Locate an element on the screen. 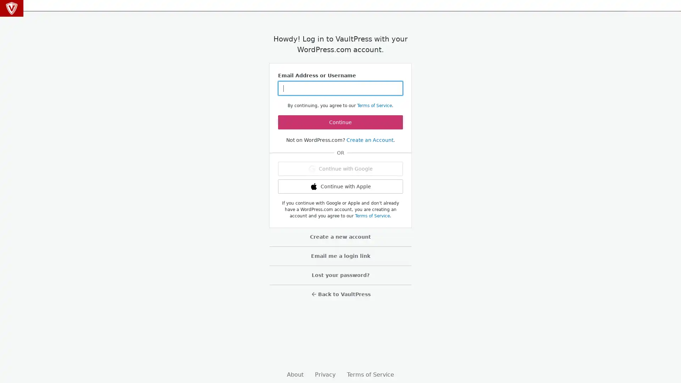  Continue with Apple is located at coordinates (340, 186).